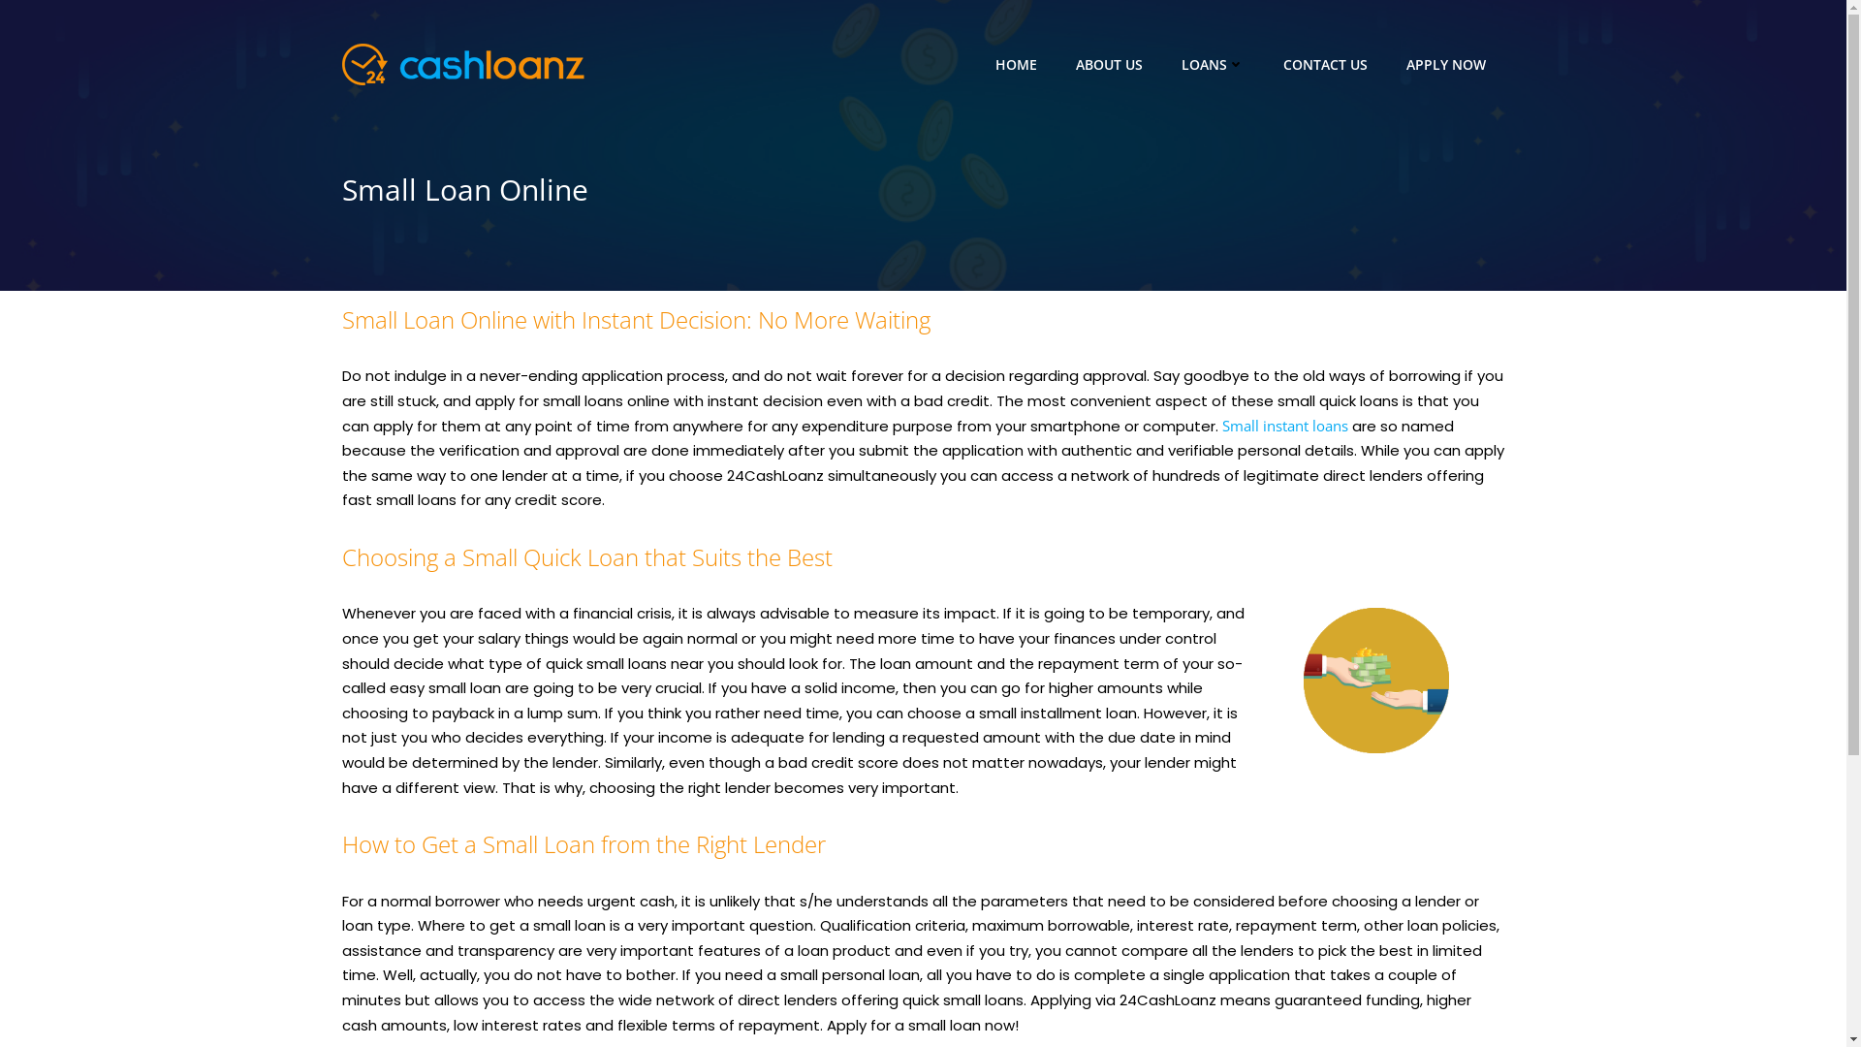 This screenshot has height=1047, width=1861. I want to click on 'ABOUT US', so click(1109, 63).